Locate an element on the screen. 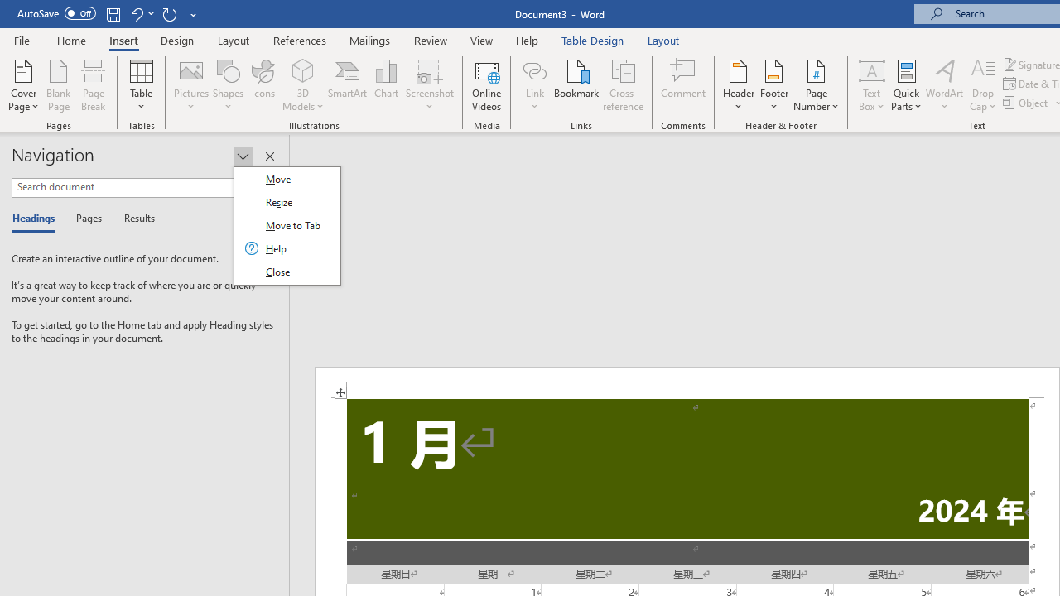 The width and height of the screenshot is (1060, 596). 'Quick Parts' is located at coordinates (906, 85).